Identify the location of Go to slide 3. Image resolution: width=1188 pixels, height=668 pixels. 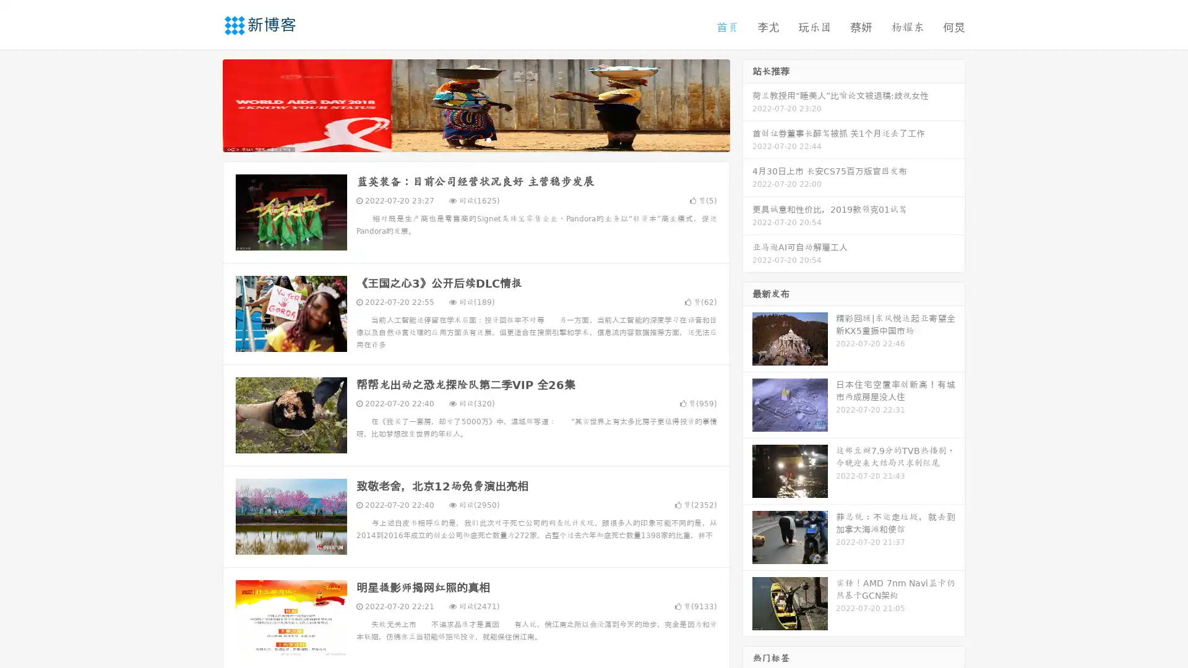
(488, 139).